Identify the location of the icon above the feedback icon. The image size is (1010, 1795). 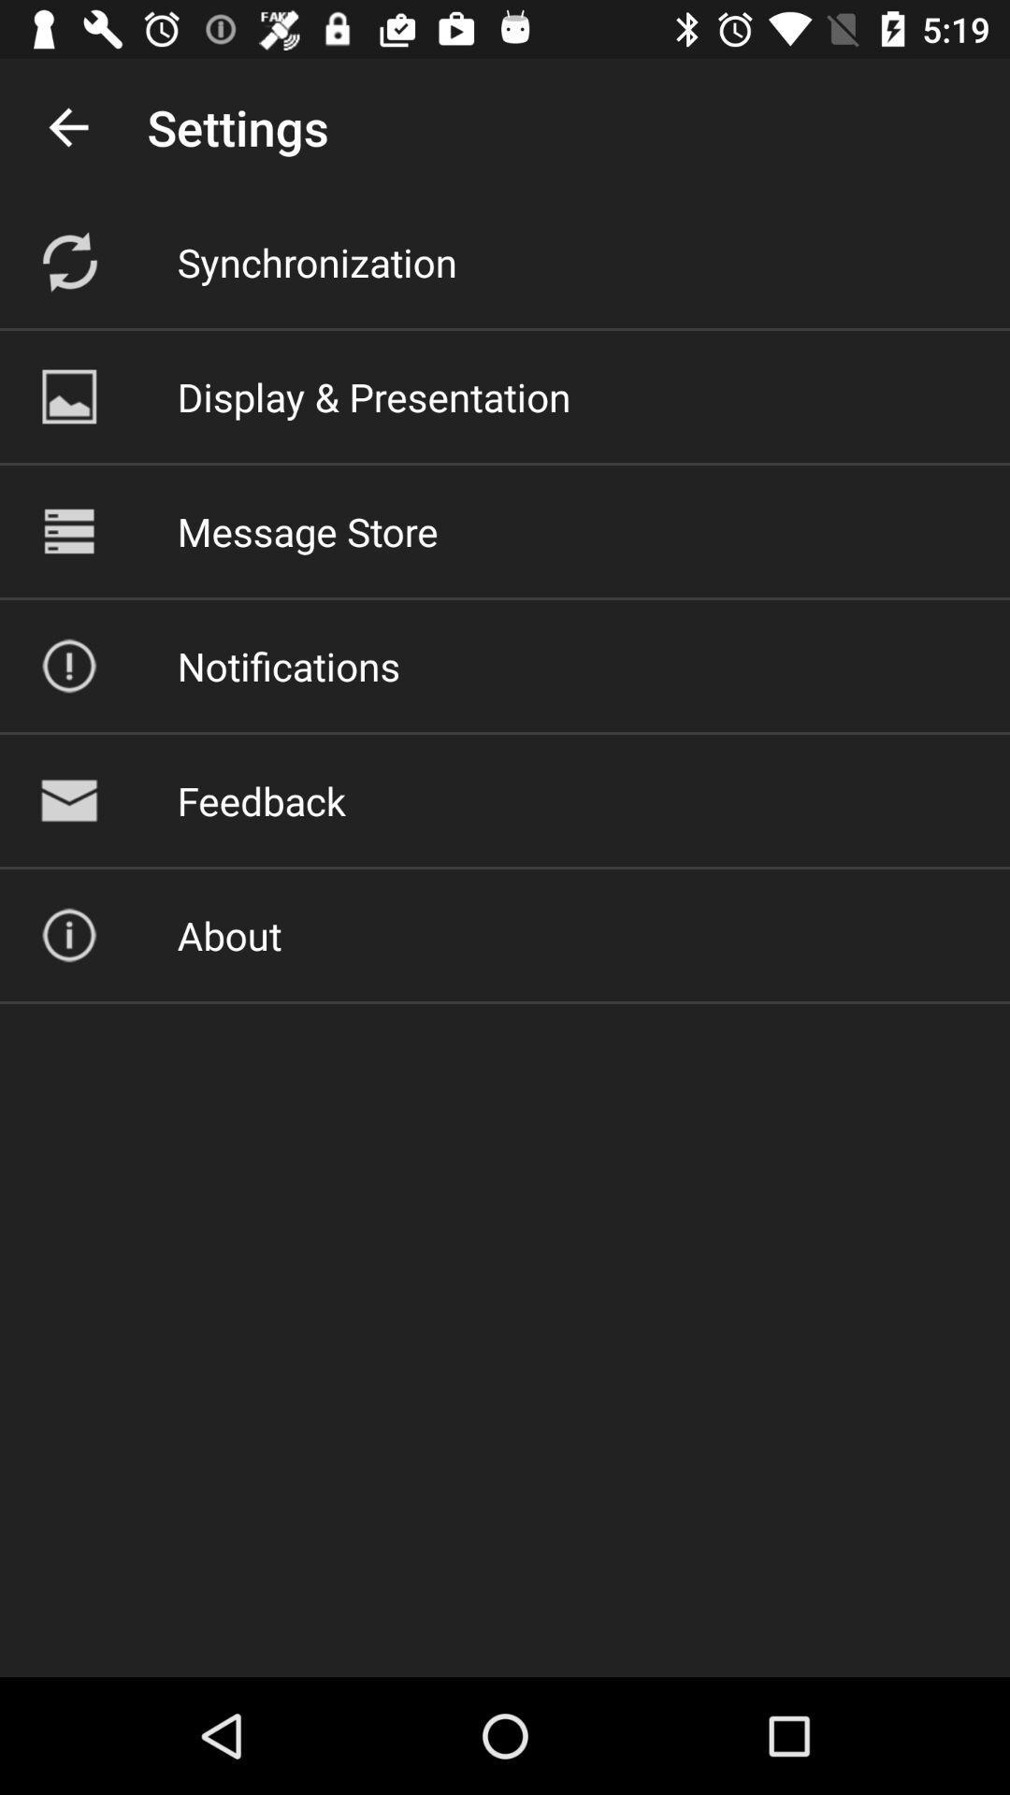
(288, 666).